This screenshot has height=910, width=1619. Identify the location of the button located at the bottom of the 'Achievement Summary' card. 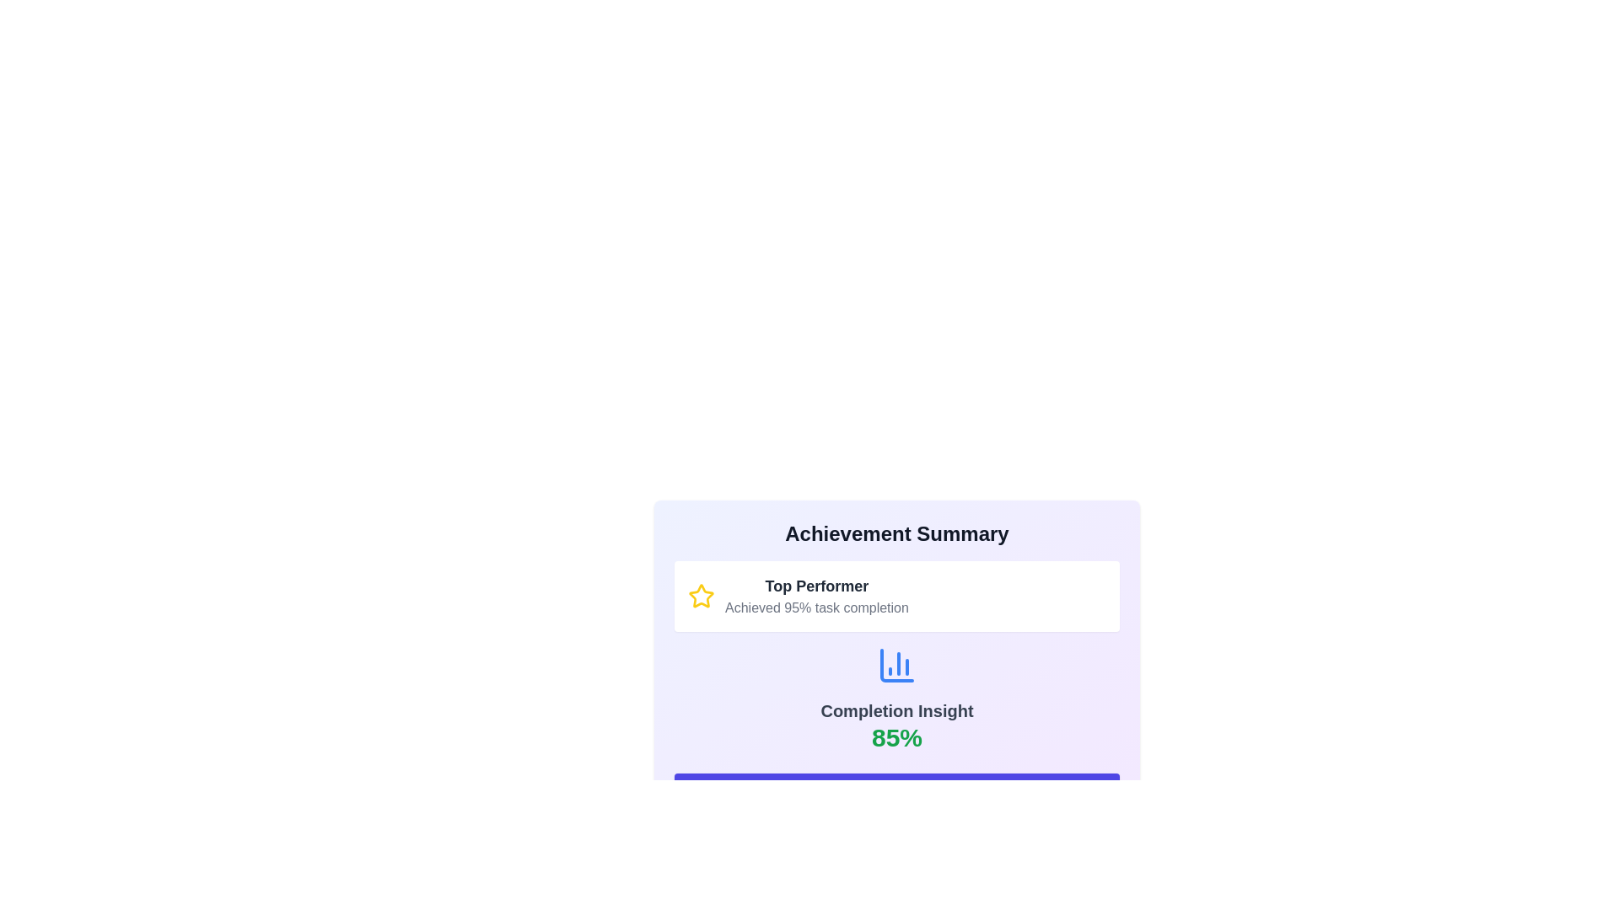
(896, 793).